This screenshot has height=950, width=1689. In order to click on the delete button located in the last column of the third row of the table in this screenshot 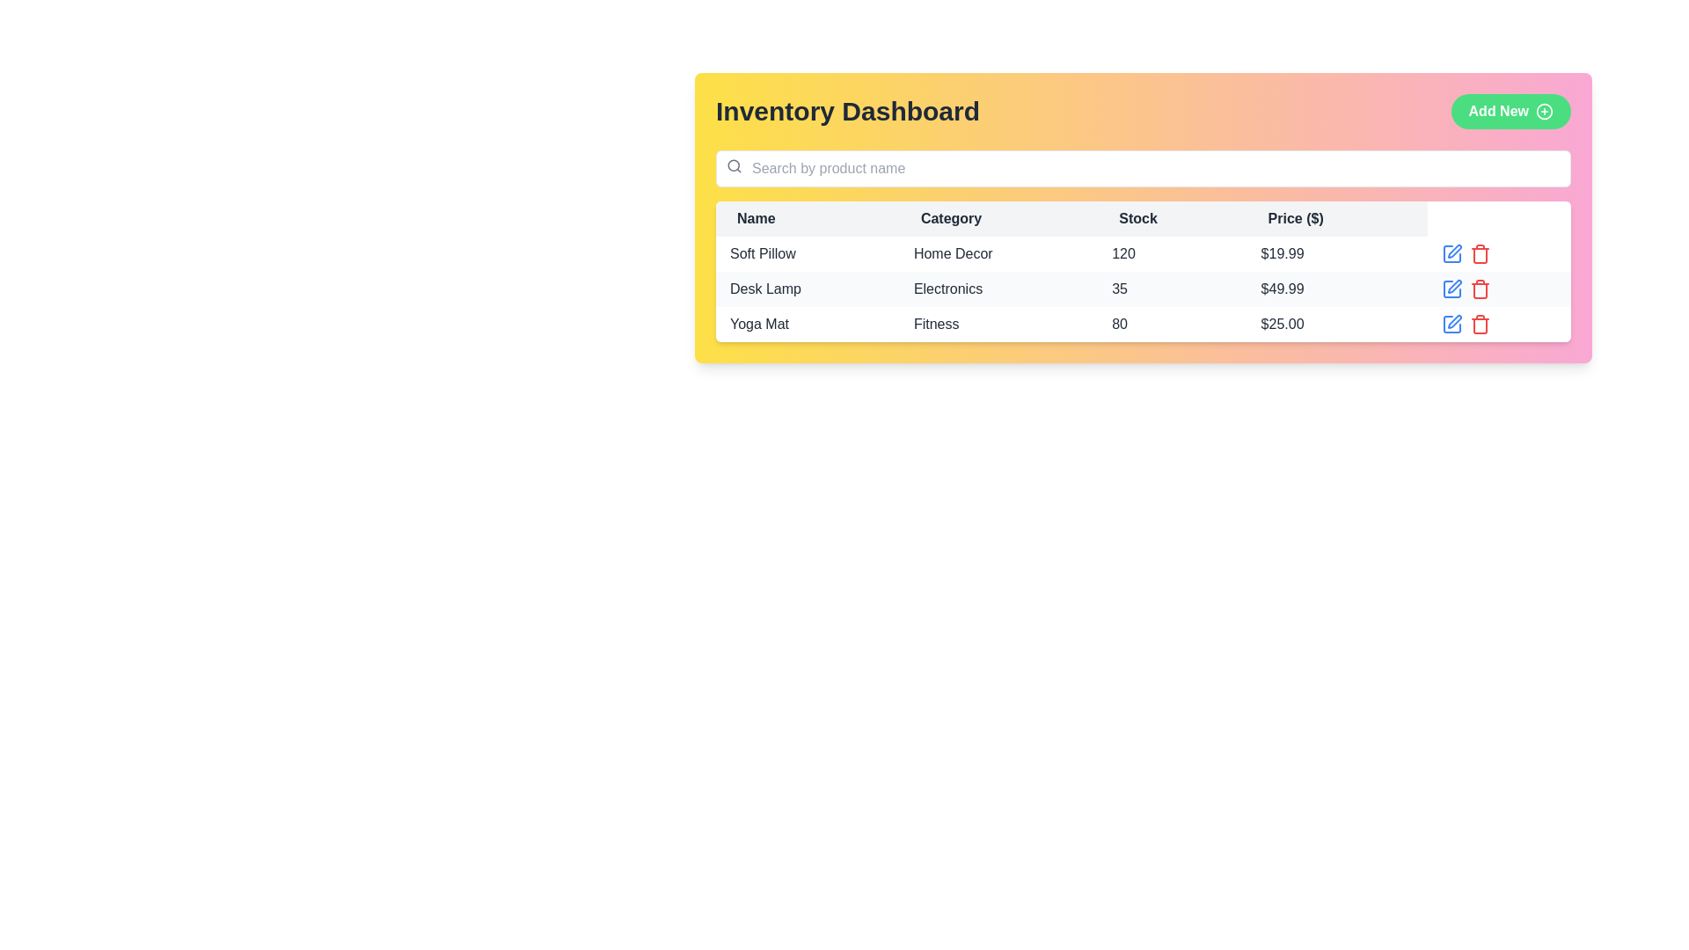, I will do `click(1480, 325)`.